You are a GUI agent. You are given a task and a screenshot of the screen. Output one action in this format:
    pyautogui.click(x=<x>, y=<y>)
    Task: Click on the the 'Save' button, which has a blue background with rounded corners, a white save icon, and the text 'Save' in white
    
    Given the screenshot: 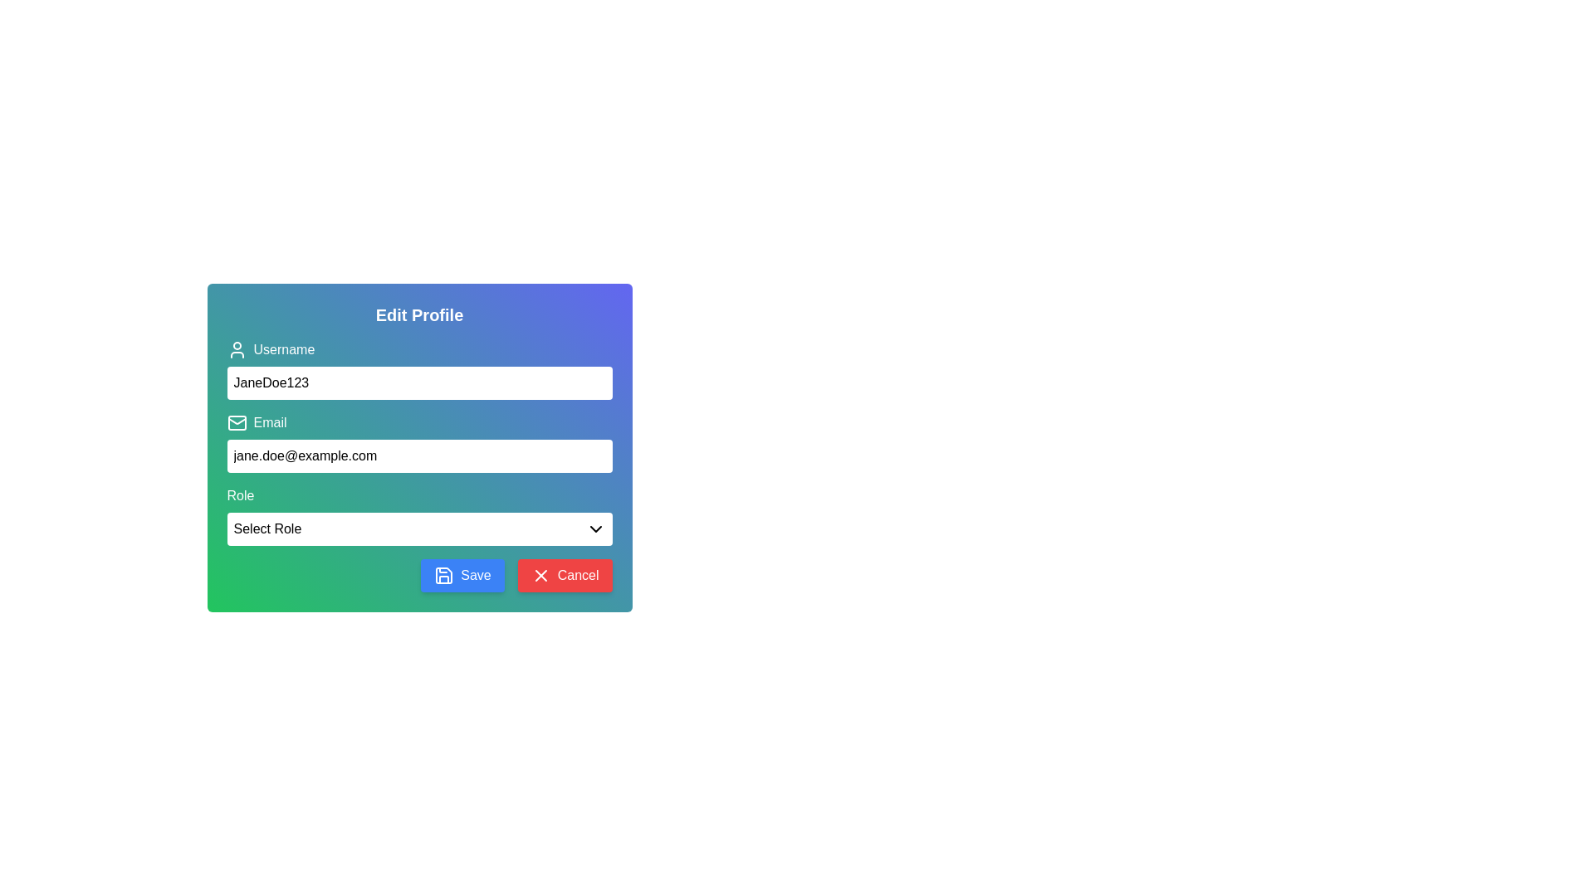 What is the action you would take?
    pyautogui.click(x=462, y=575)
    